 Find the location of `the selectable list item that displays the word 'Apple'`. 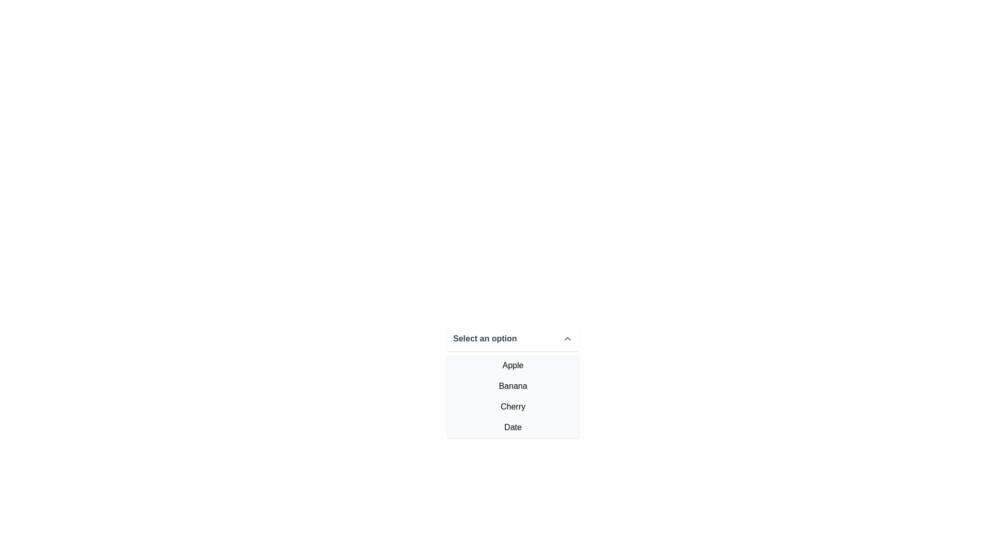

the selectable list item that displays the word 'Apple' is located at coordinates (513, 365).